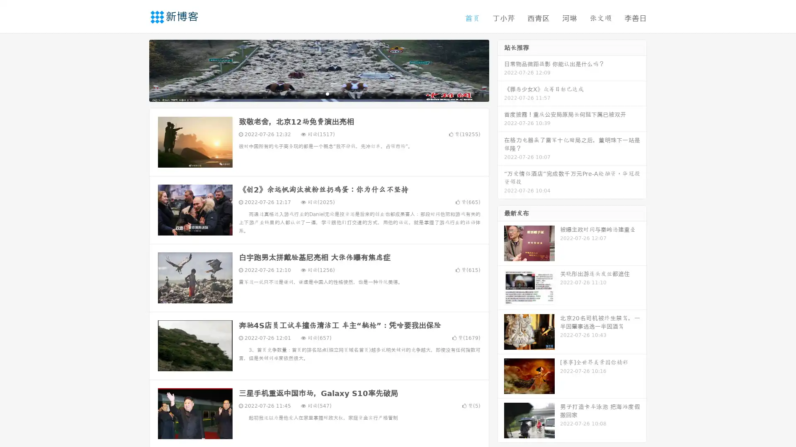 The image size is (796, 447). Describe the element at coordinates (318, 93) in the screenshot. I see `Go to slide 2` at that location.